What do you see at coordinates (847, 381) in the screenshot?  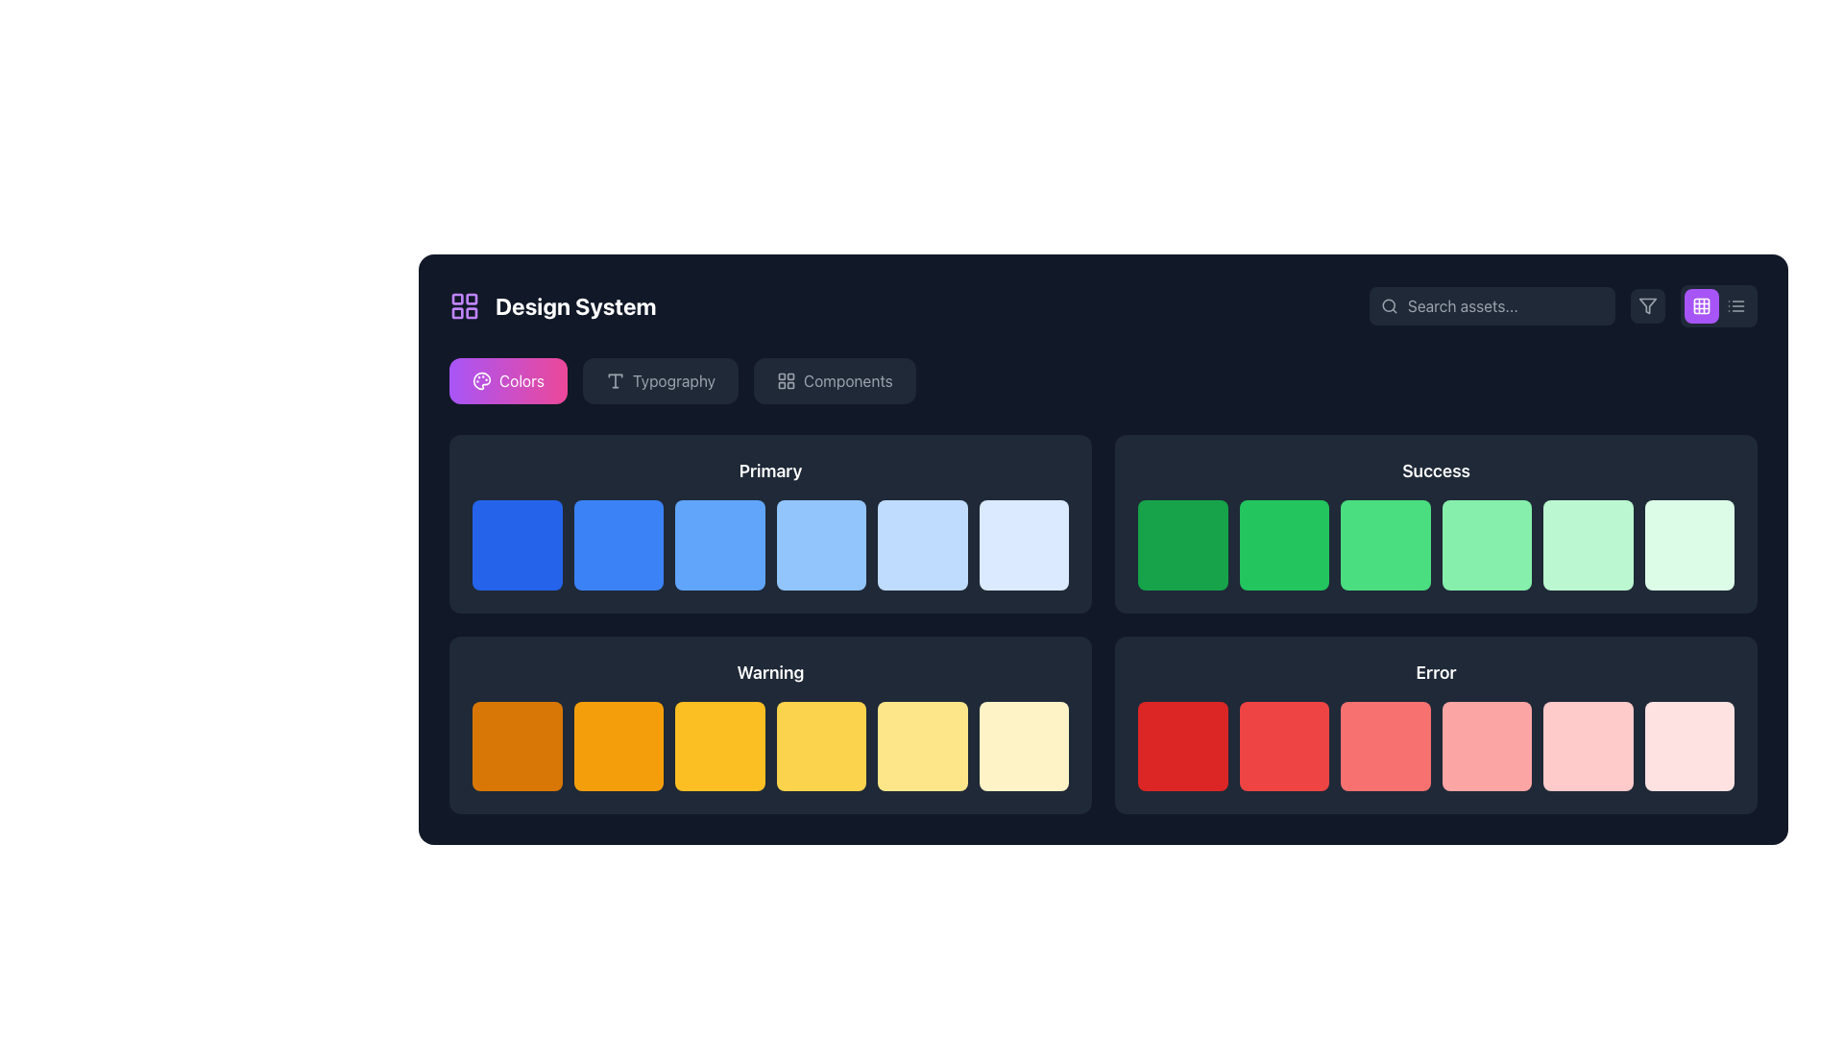 I see `the 'Components' label within the button in the navigation menu` at bounding box center [847, 381].